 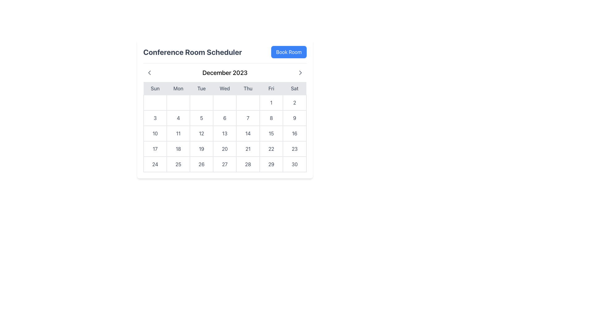 What do you see at coordinates (248, 133) in the screenshot?
I see `the calendar day button representing the date '14' located in the second row, fifth column under the Thursday header` at bounding box center [248, 133].